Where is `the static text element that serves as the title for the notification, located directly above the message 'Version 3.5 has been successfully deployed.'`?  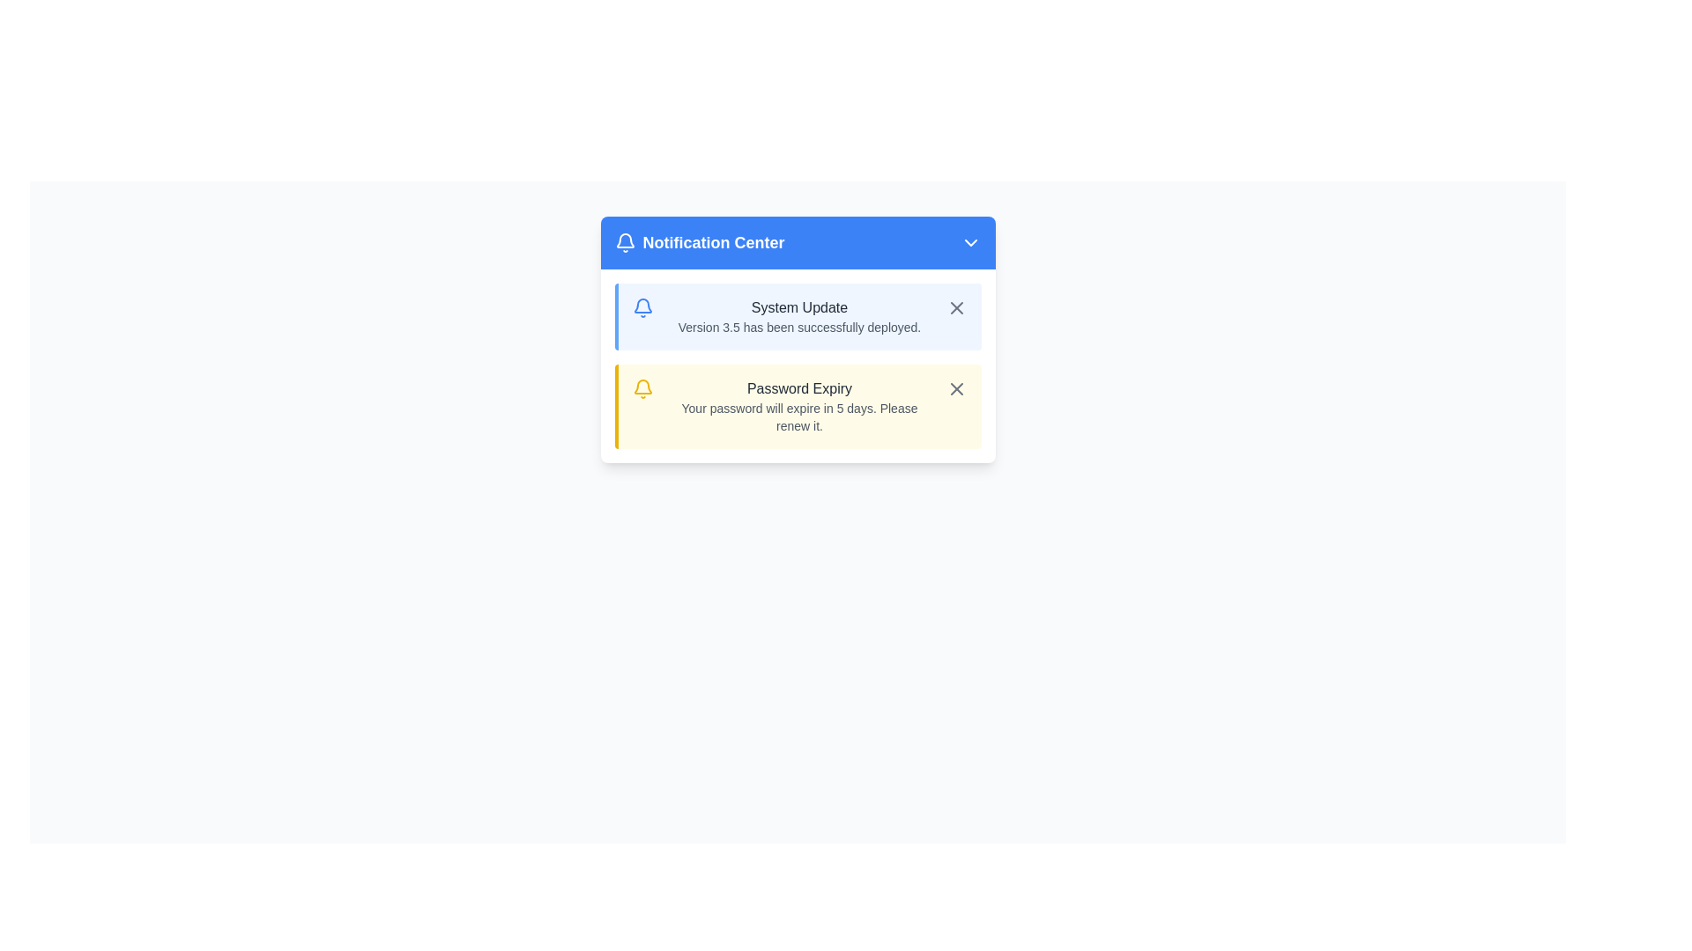 the static text element that serves as the title for the notification, located directly above the message 'Version 3.5 has been successfully deployed.' is located at coordinates (798, 307).